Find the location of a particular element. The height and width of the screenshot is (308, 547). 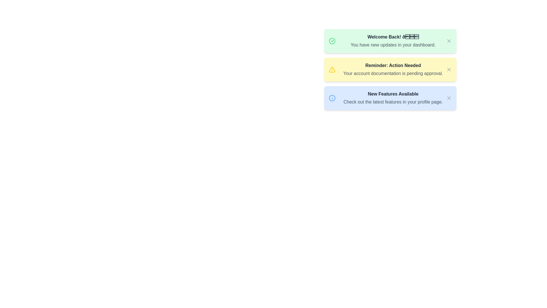

the welcoming message static text located in the top left corner of the green notification card is located at coordinates (393, 37).